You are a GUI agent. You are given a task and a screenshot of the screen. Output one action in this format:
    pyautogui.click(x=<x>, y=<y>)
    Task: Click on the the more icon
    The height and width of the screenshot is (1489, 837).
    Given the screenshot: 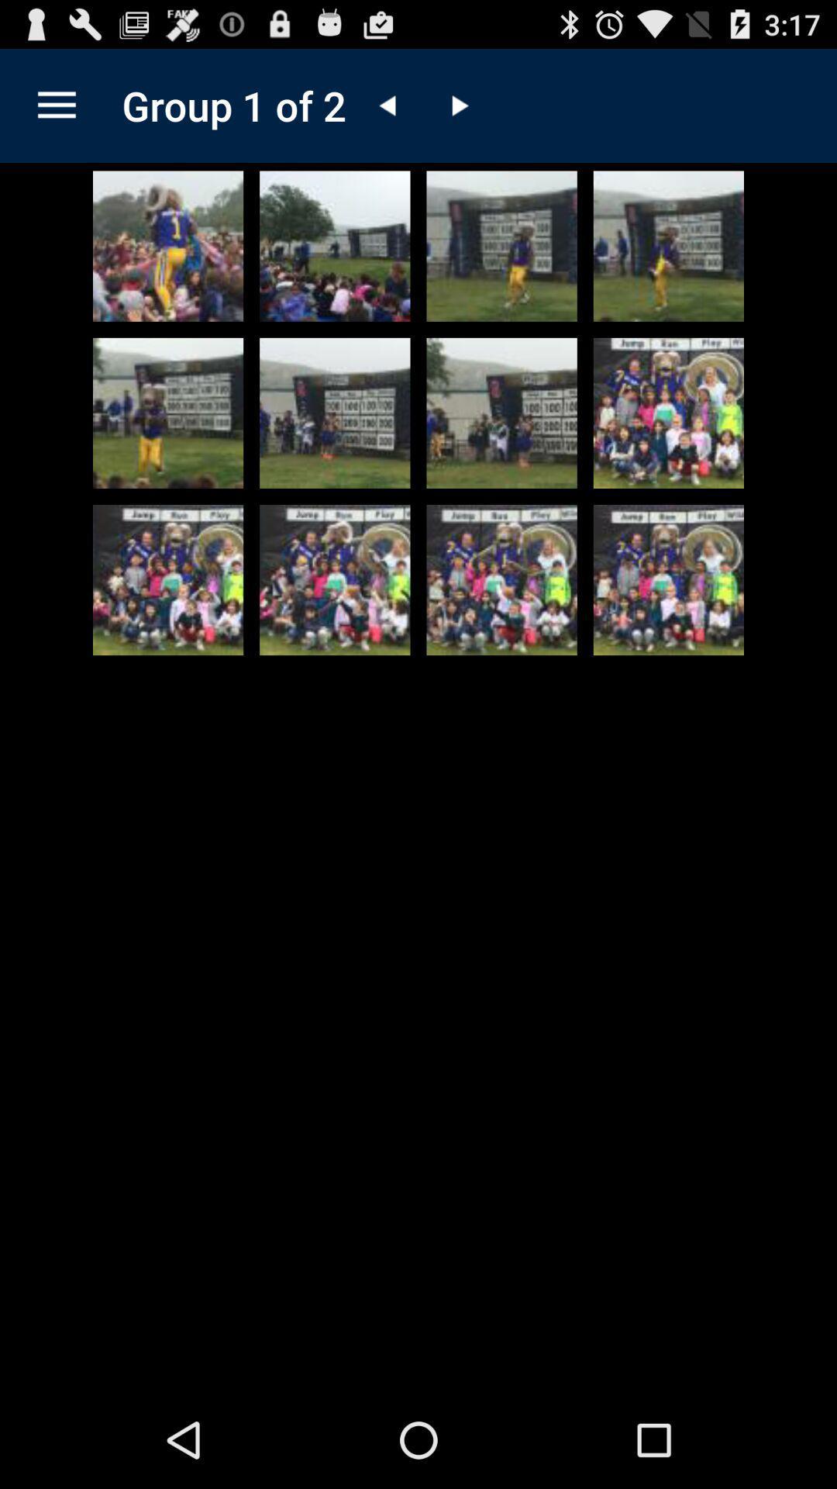 What is the action you would take?
    pyautogui.click(x=334, y=263)
    